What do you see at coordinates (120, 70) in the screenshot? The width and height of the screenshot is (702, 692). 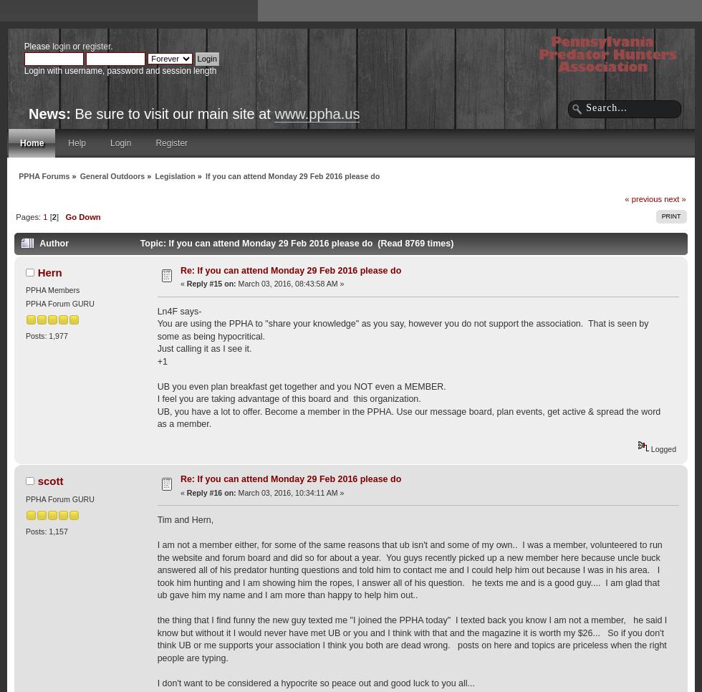 I see `'Login with username, password and session length'` at bounding box center [120, 70].